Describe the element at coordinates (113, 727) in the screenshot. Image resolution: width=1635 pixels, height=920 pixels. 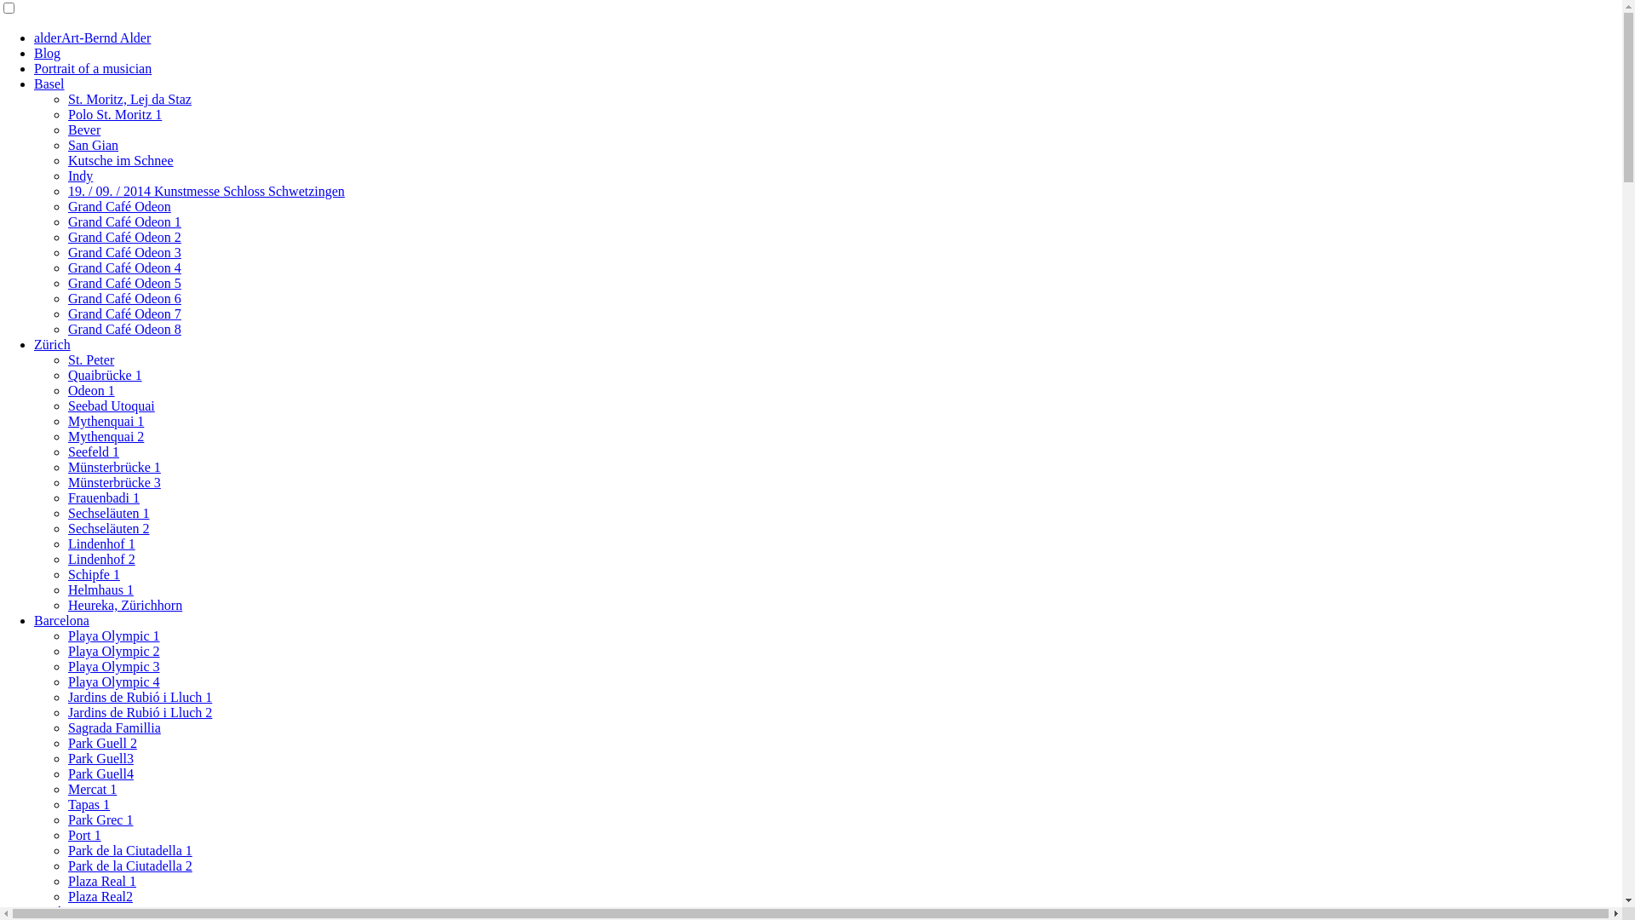
I see `'Sagrada Famillia'` at that location.